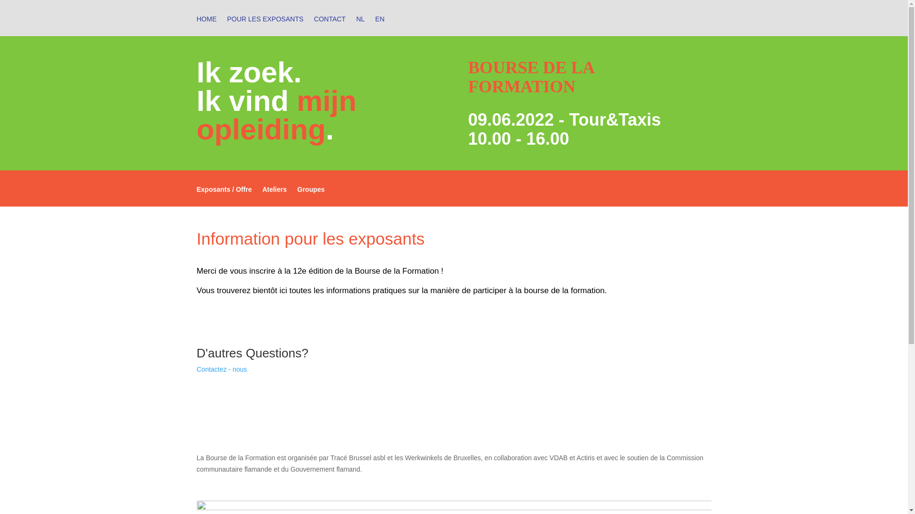 This screenshot has height=514, width=915. What do you see at coordinates (196, 25) in the screenshot?
I see `'HOME'` at bounding box center [196, 25].